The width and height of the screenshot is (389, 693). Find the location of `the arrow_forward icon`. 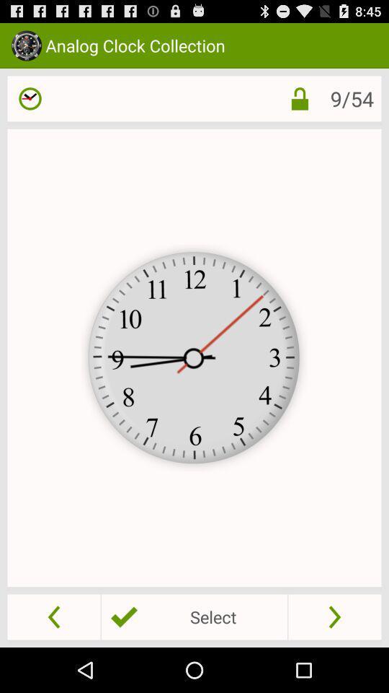

the arrow_forward icon is located at coordinates (334, 661).